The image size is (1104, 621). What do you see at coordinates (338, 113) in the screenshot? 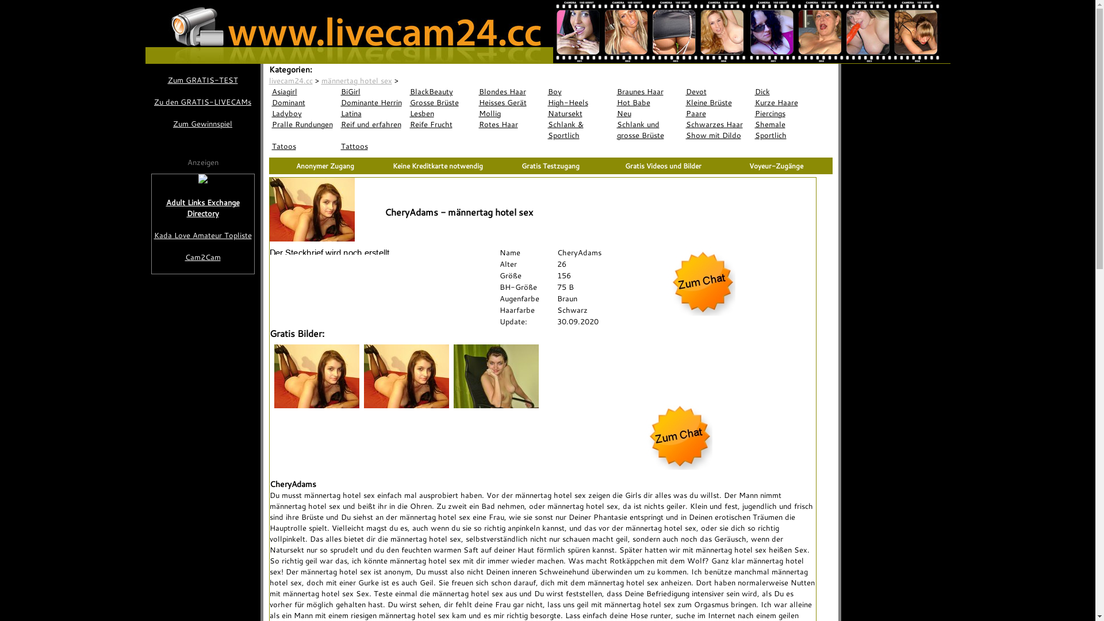
I see `'Latina'` at bounding box center [338, 113].